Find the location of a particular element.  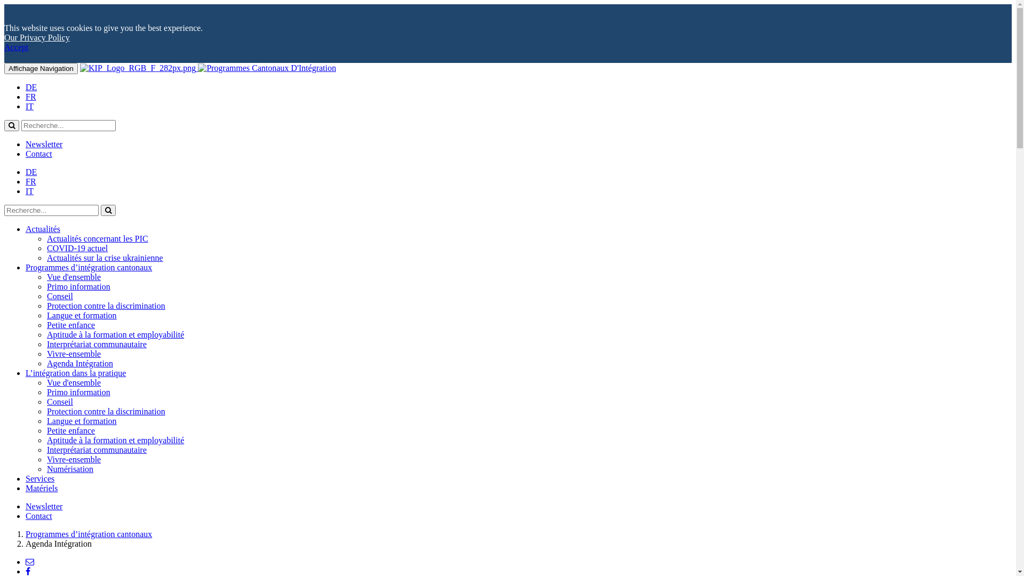

'KIP_Logo_RGB_F_282px.png' is located at coordinates (137, 68).